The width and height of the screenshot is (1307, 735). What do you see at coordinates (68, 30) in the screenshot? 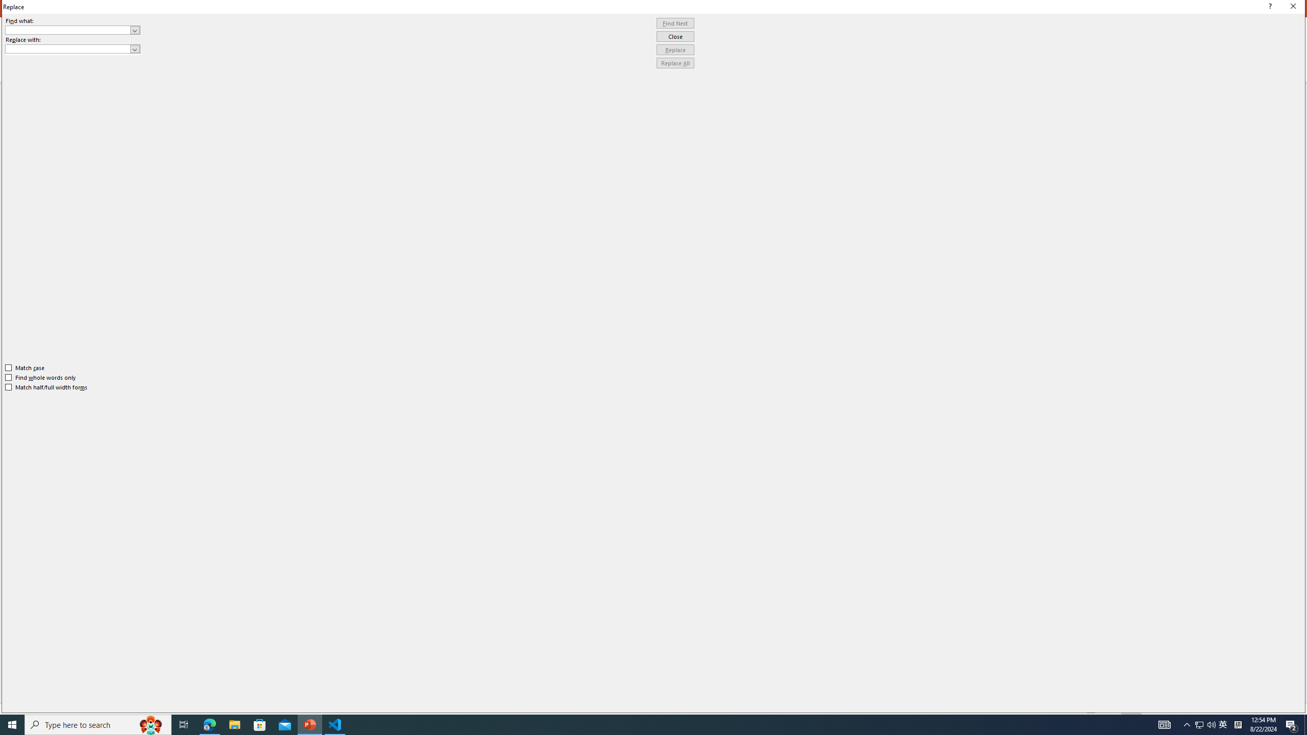
I see `'Find what'` at bounding box center [68, 30].